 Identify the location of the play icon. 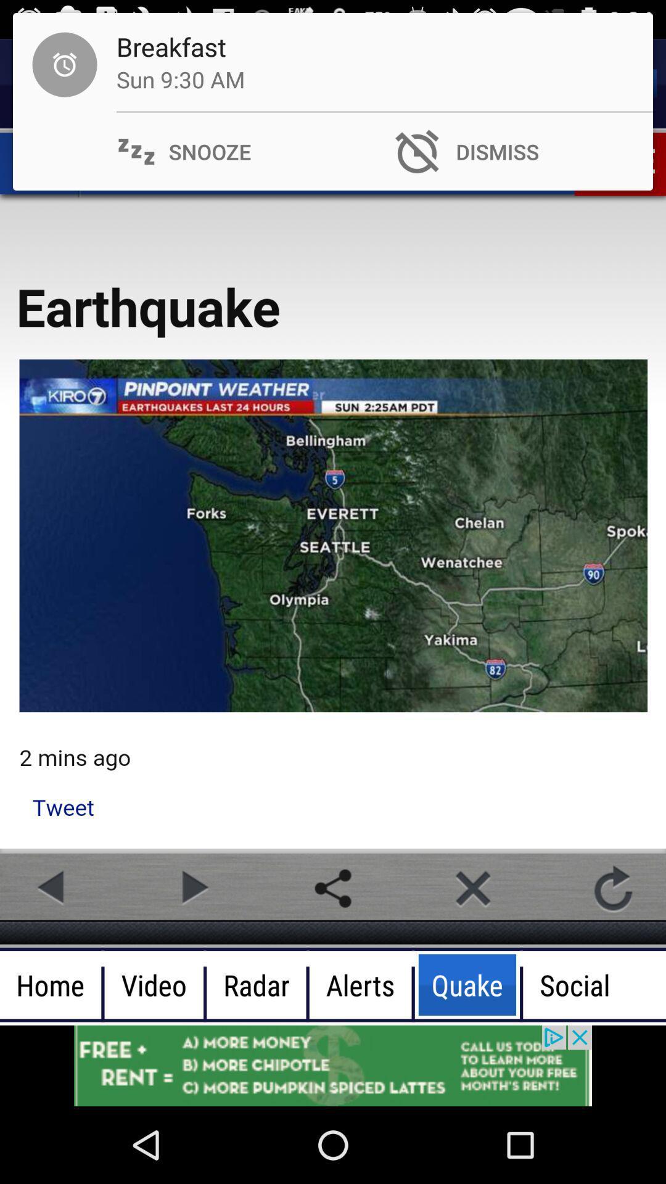
(192, 888).